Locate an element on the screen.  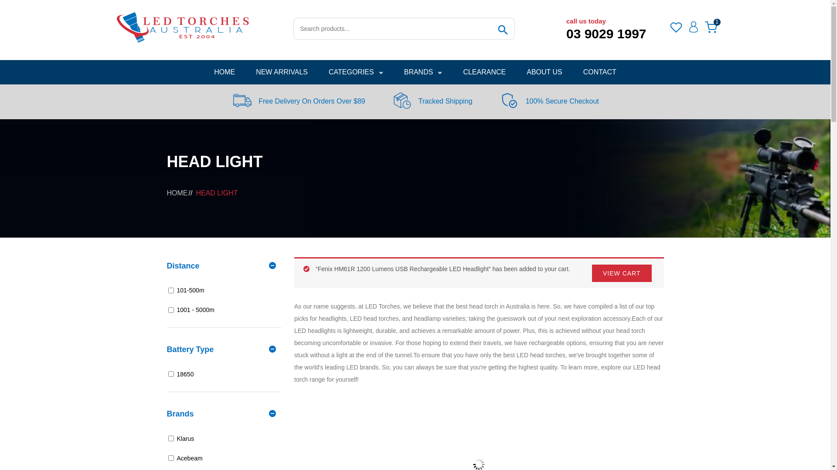
'CLEARANCE' is located at coordinates (452, 71).